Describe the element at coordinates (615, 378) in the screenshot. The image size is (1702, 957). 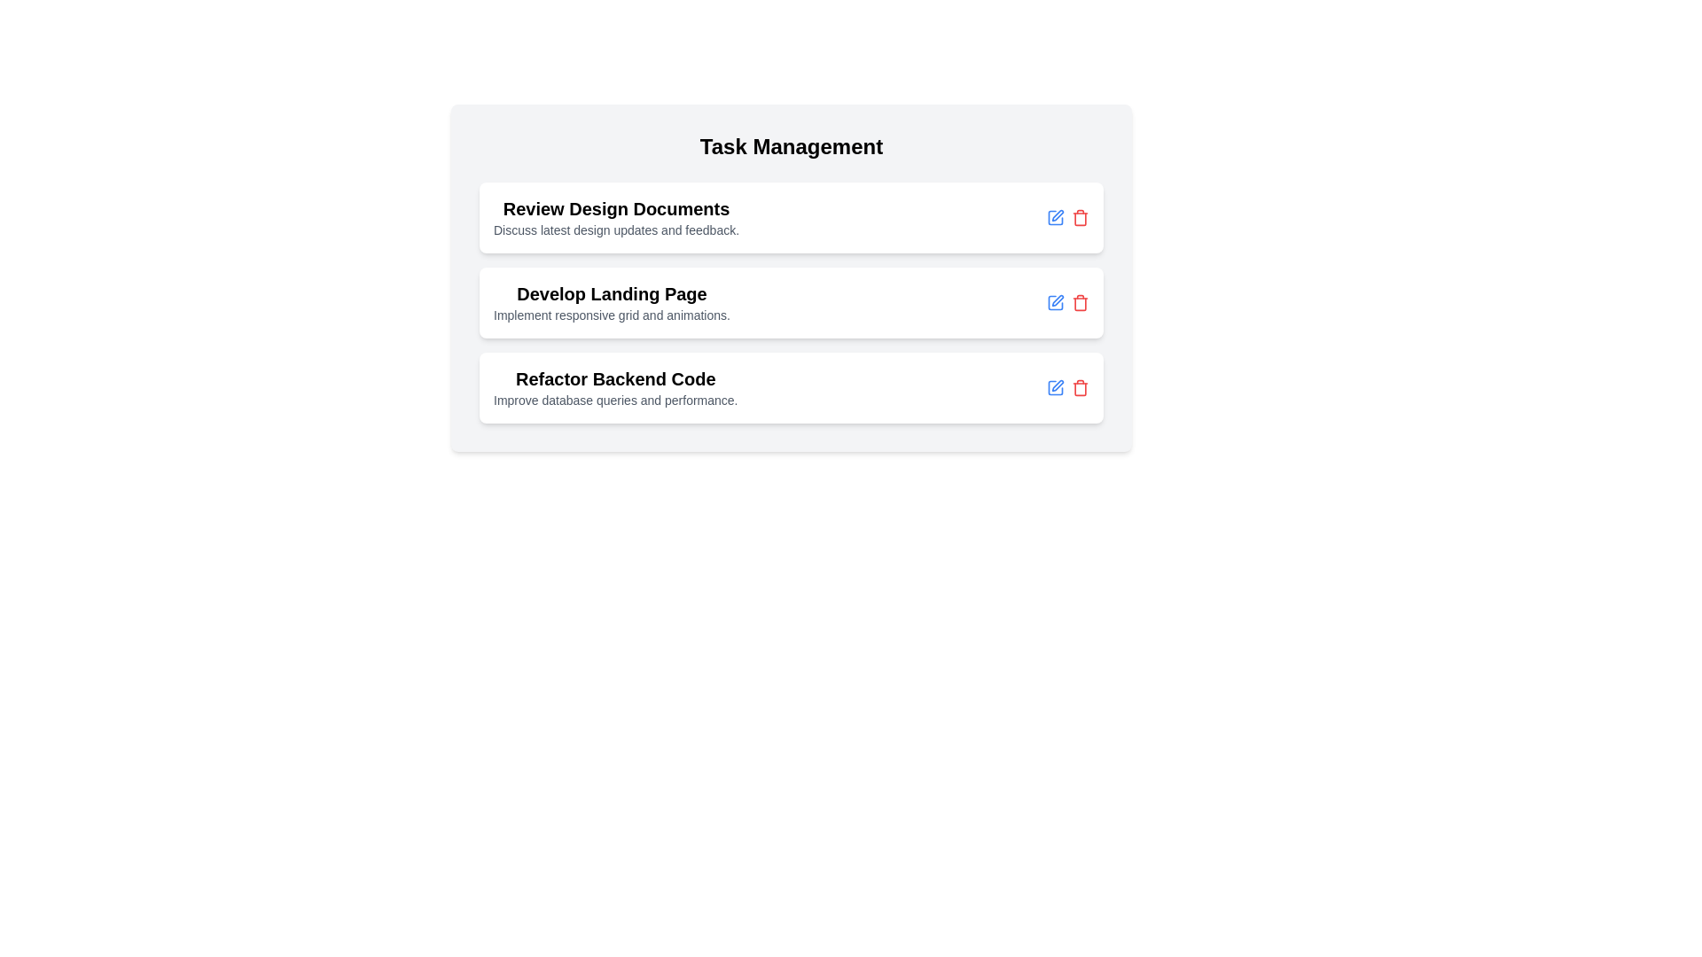
I see `the title text element that serves as the task's objective, located in the third position of a vertically stacked list of tasks` at that location.